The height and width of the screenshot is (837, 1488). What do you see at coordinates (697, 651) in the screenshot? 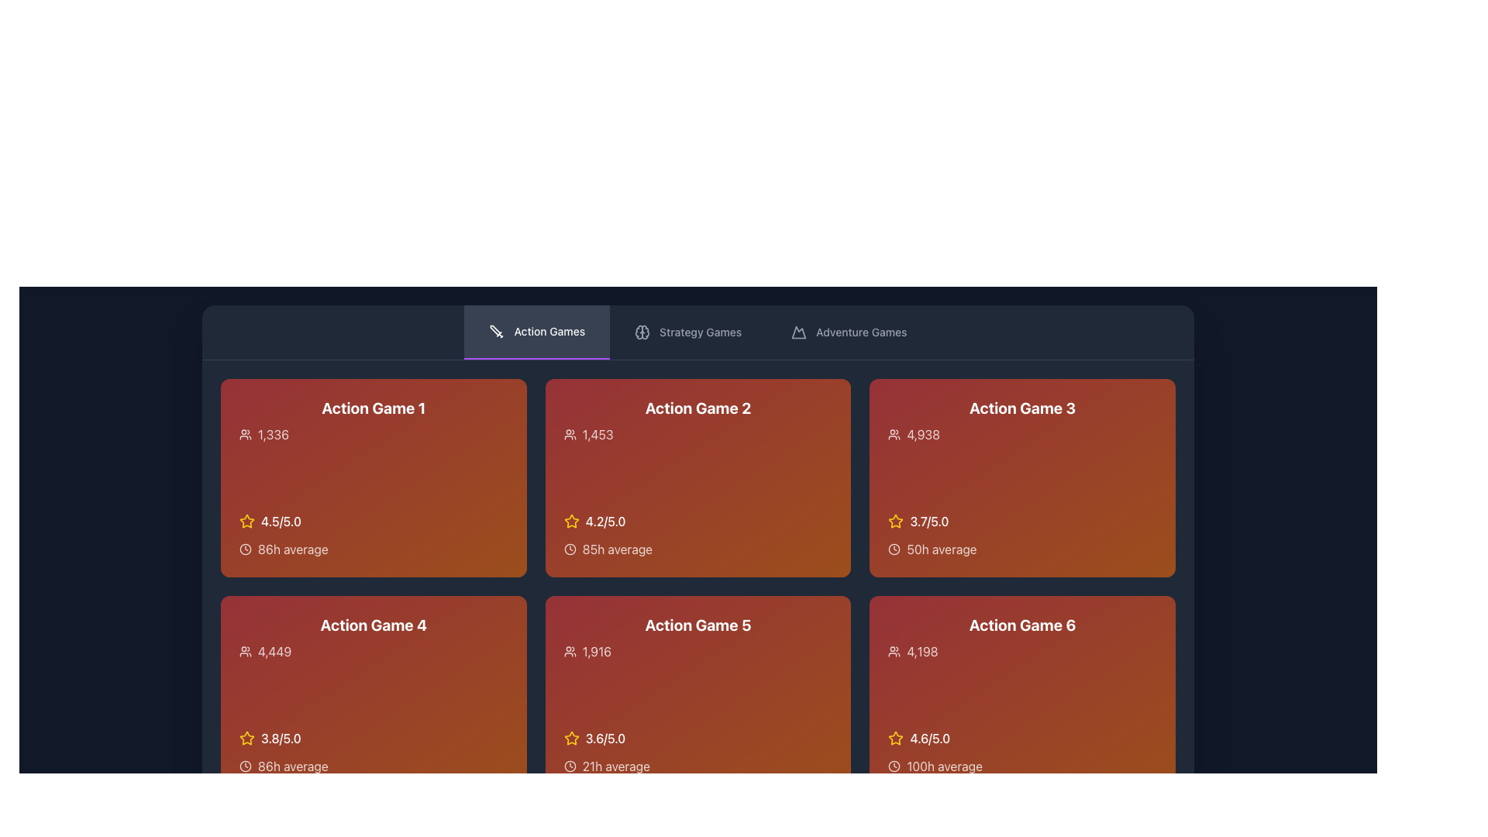
I see `the text display label showing the static information '1,916'` at bounding box center [697, 651].